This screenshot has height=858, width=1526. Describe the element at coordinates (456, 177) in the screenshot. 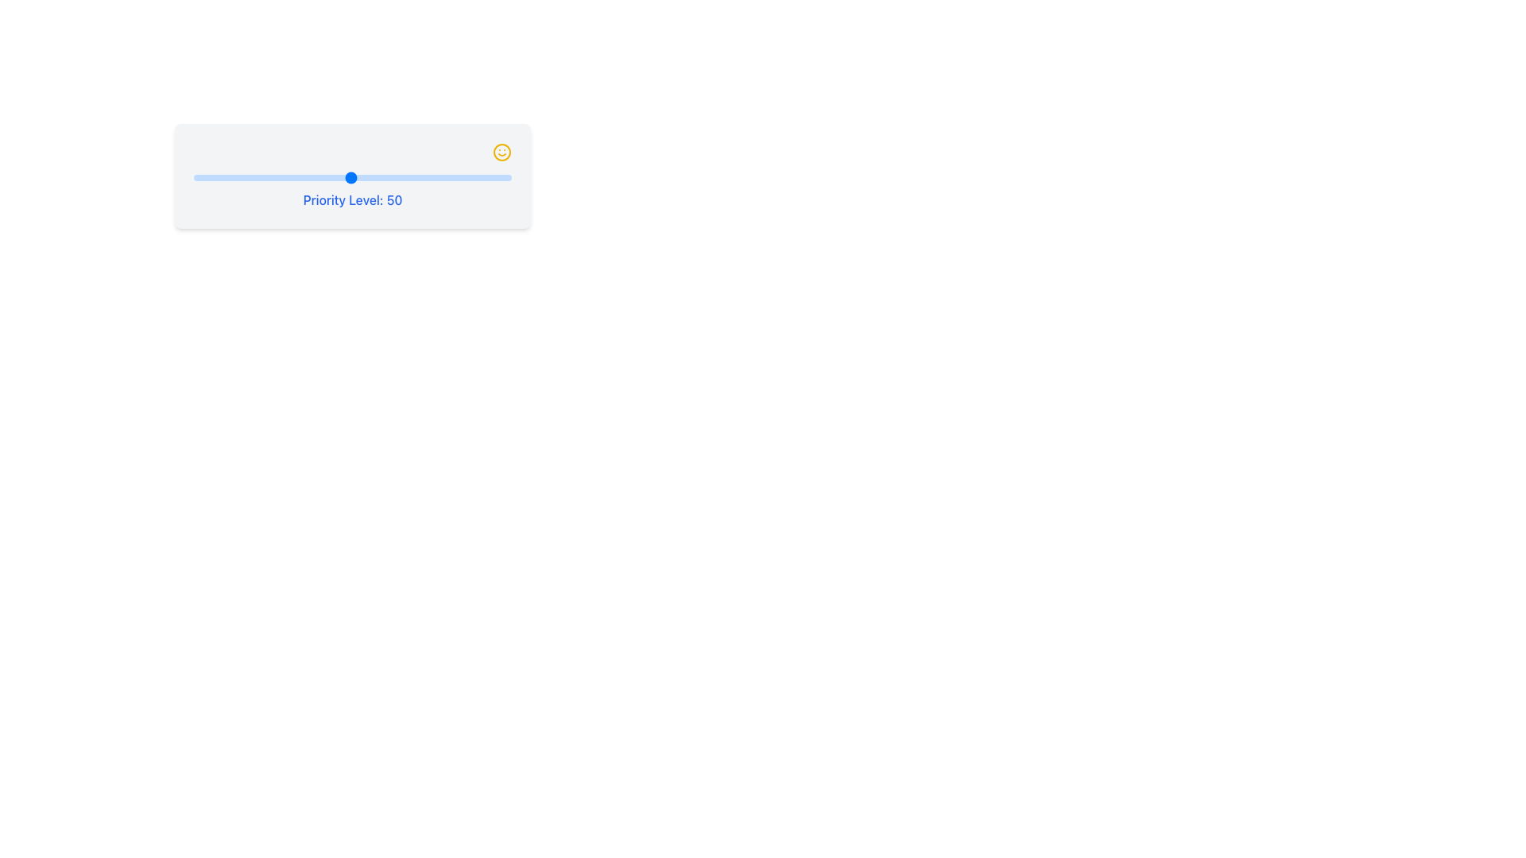

I see `the priority level` at that location.